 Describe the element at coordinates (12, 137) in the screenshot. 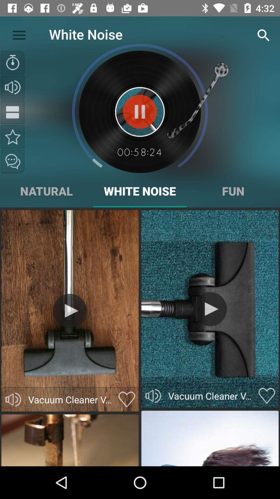

I see `the star icon` at that location.